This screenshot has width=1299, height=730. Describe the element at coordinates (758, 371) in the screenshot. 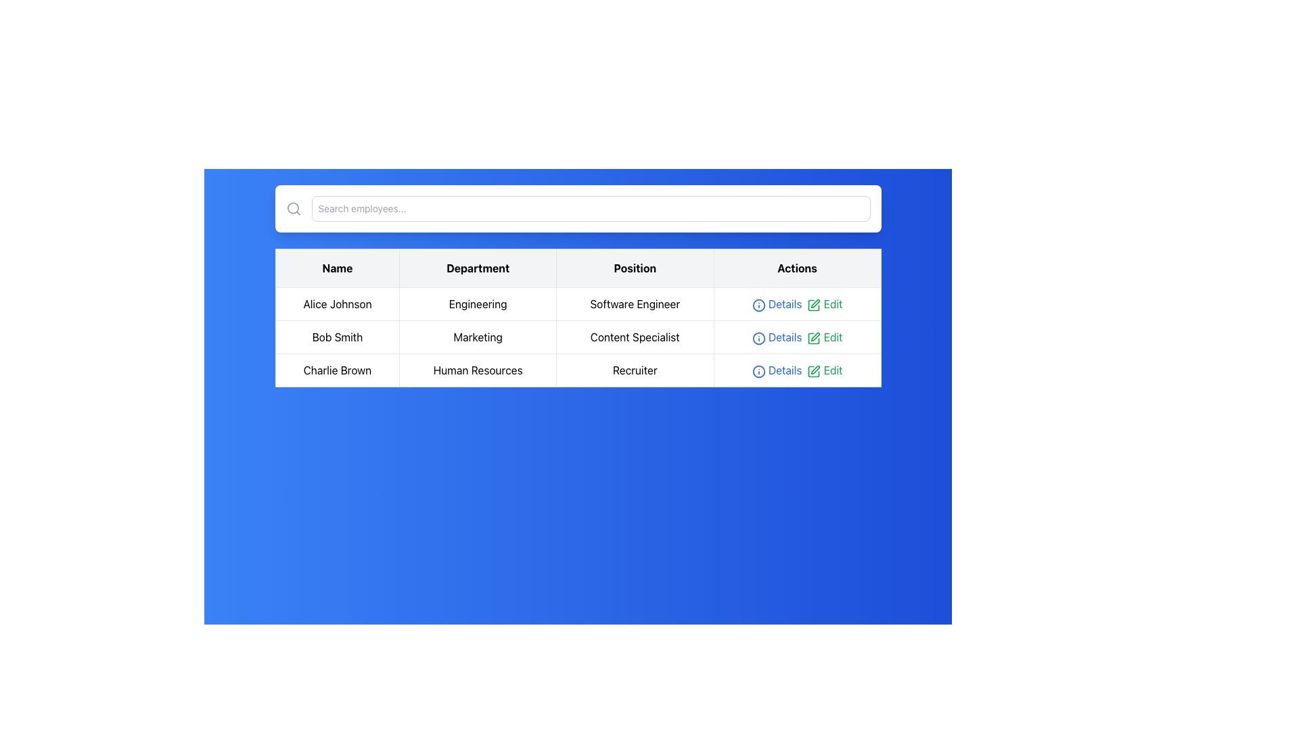

I see `the circular information icon with a blue stroke located in the Actions column of the third row table, adjacent to the 'Details' text` at that location.